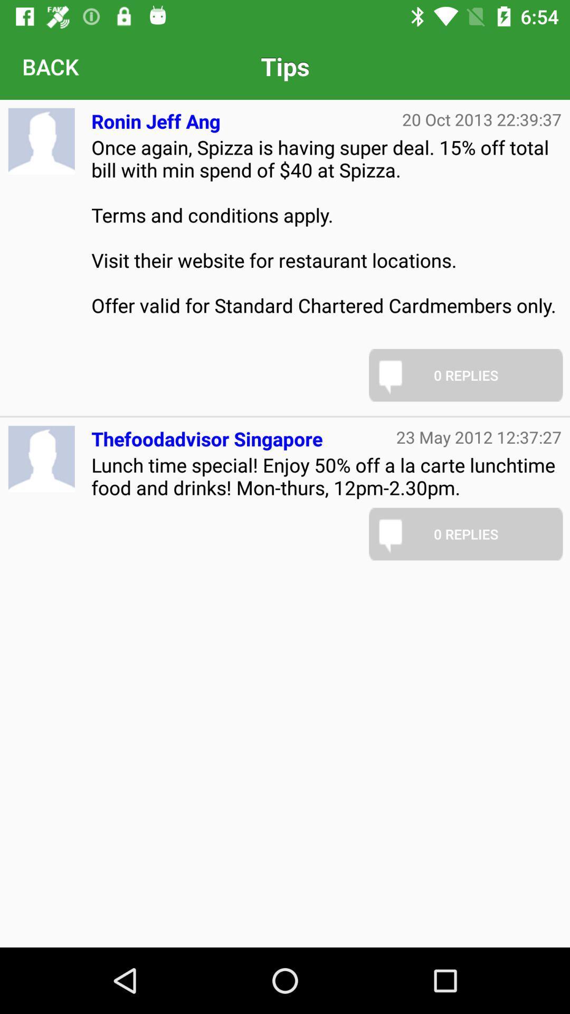  I want to click on ronin jeff ang, so click(156, 117).